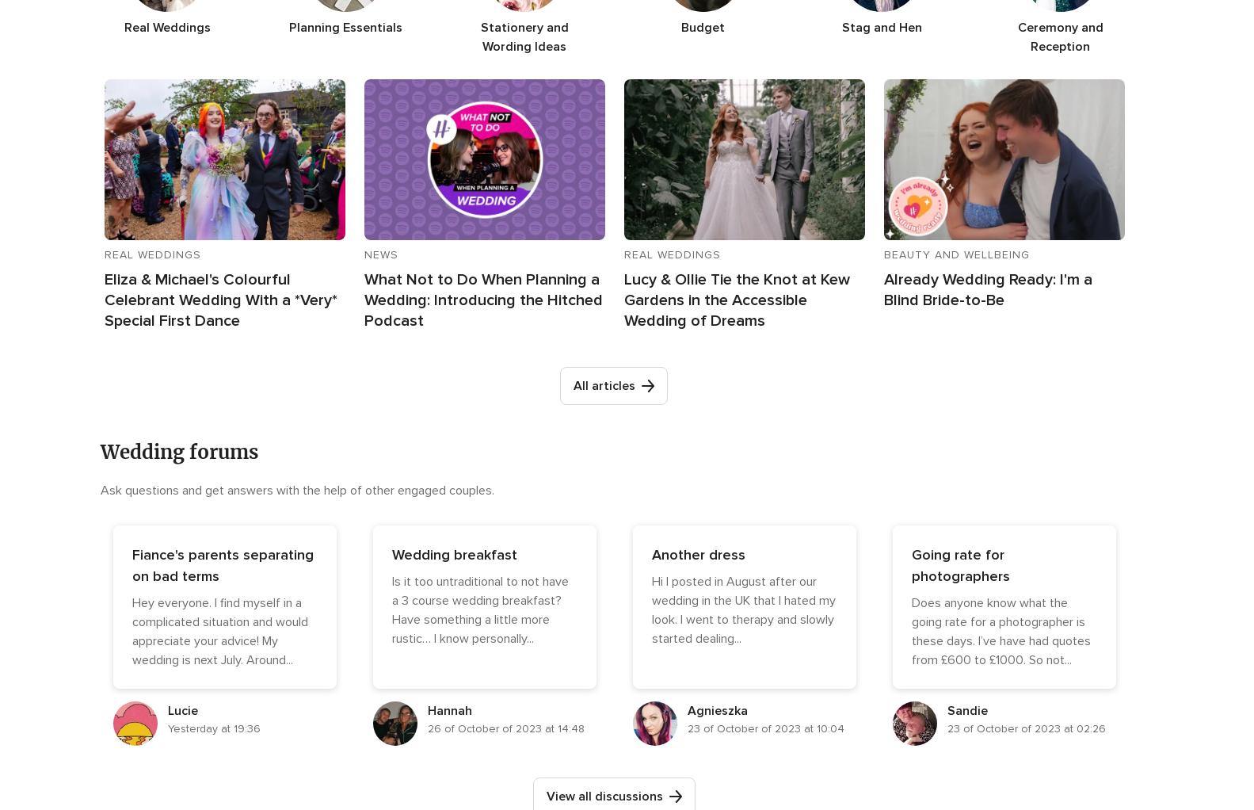 The image size is (1254, 810). What do you see at coordinates (946, 709) in the screenshot?
I see `'Sandie'` at bounding box center [946, 709].